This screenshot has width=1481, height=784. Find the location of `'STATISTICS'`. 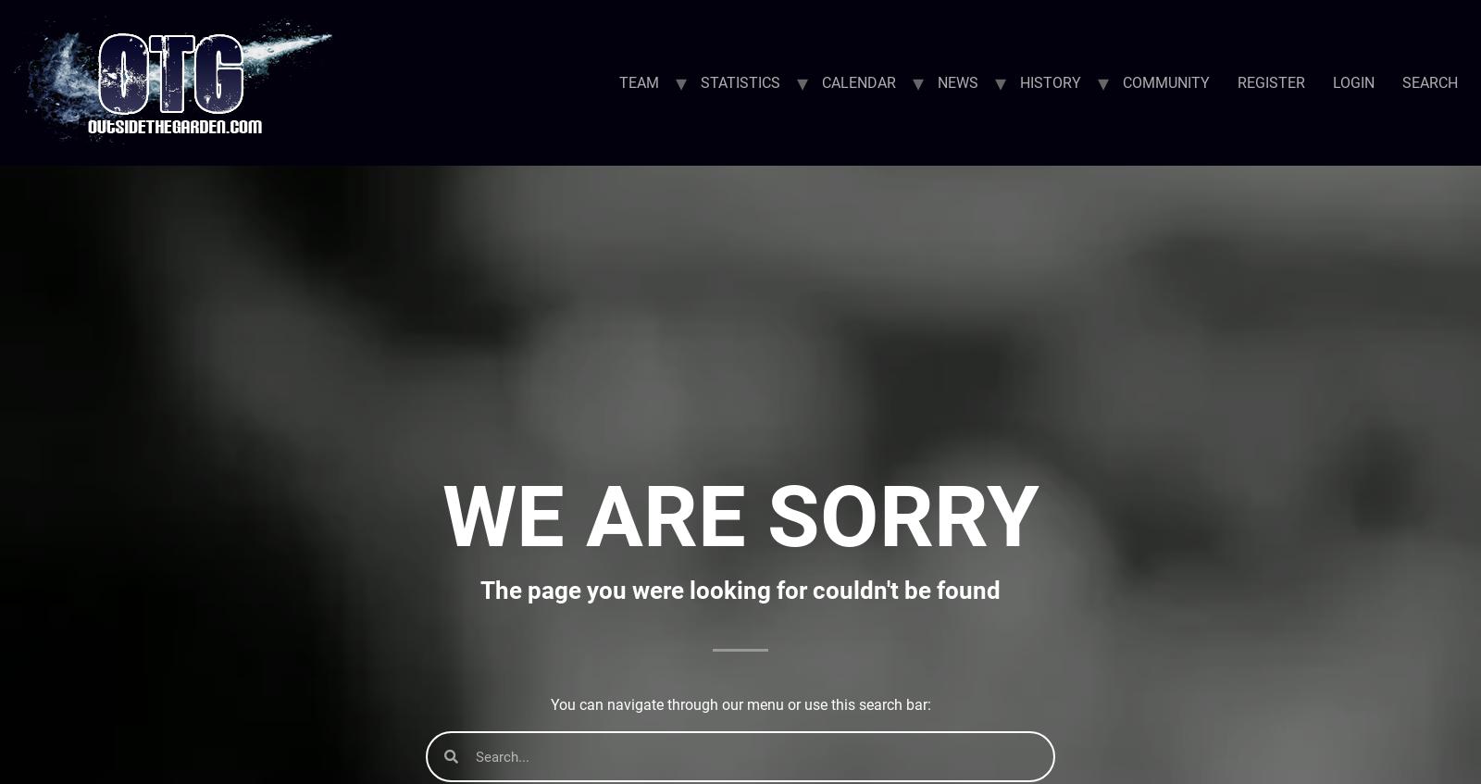

'STATISTICS' is located at coordinates (700, 81).